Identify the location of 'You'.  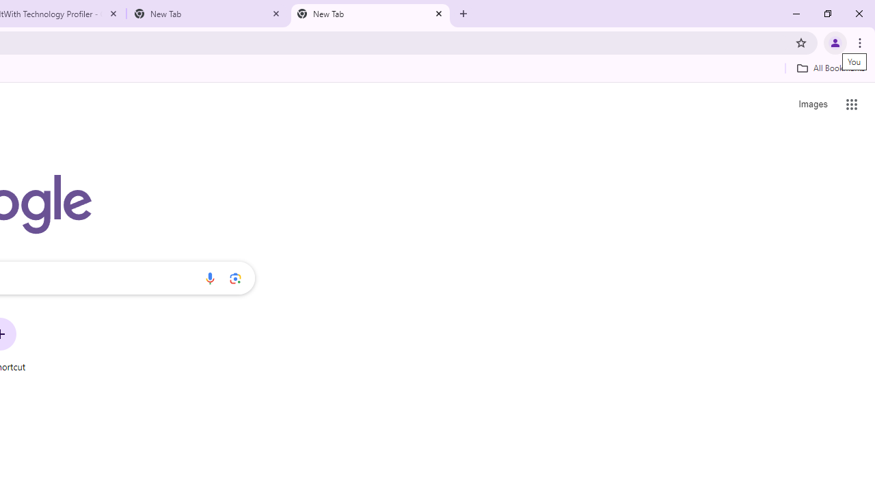
(834, 42).